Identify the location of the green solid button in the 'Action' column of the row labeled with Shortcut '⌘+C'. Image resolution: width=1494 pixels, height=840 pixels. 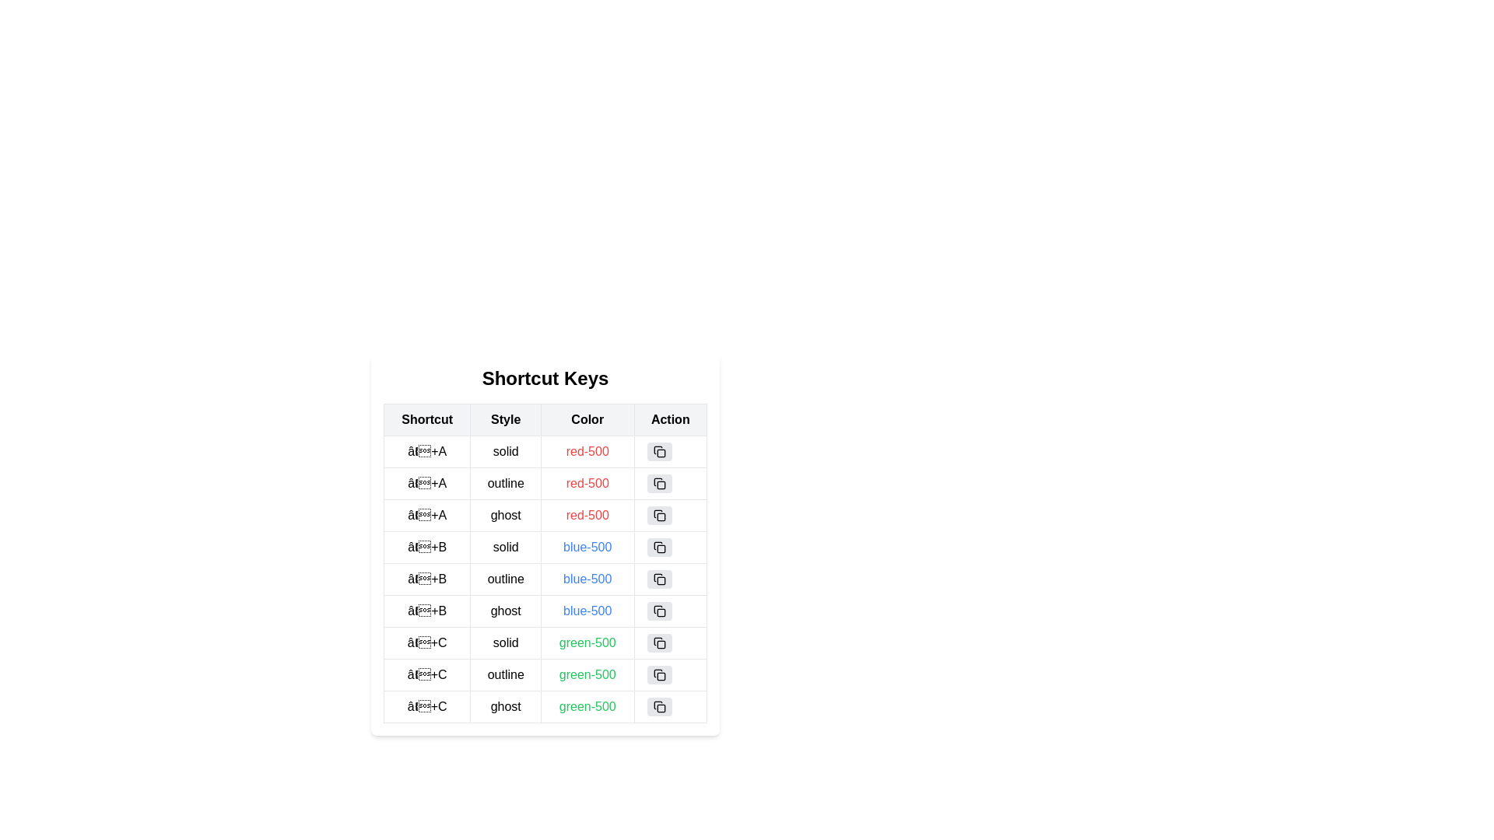
(659, 642).